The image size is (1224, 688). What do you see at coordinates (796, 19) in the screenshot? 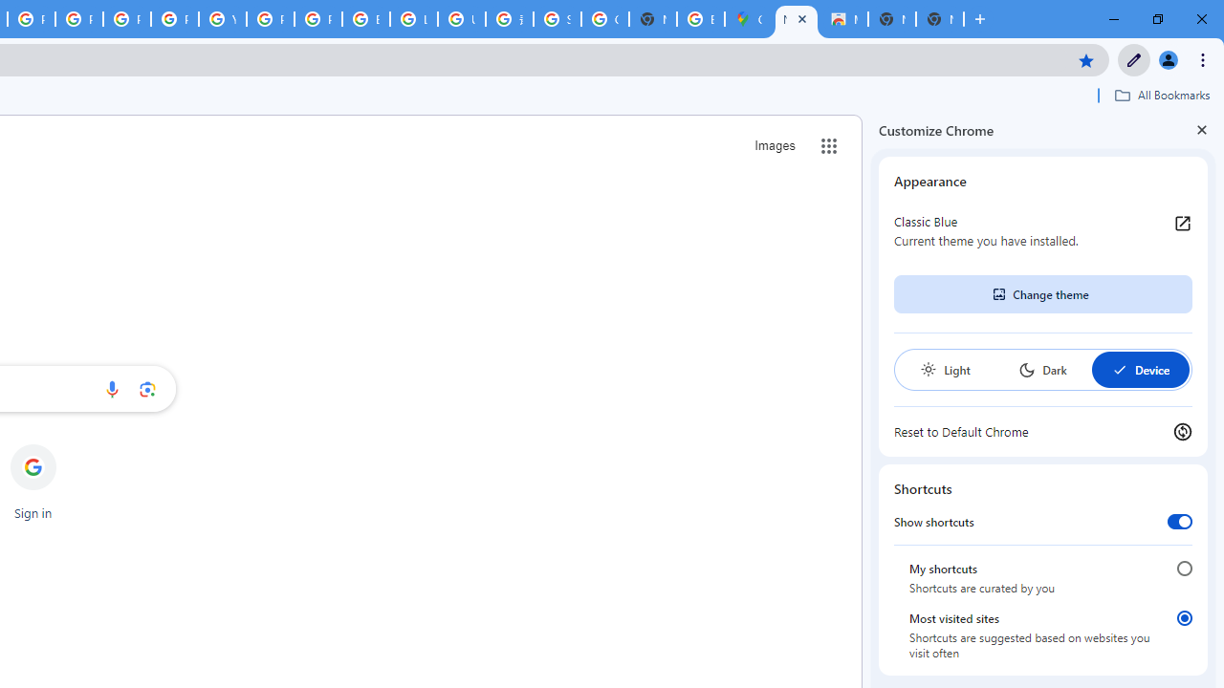
I see `'New Tab'` at bounding box center [796, 19].